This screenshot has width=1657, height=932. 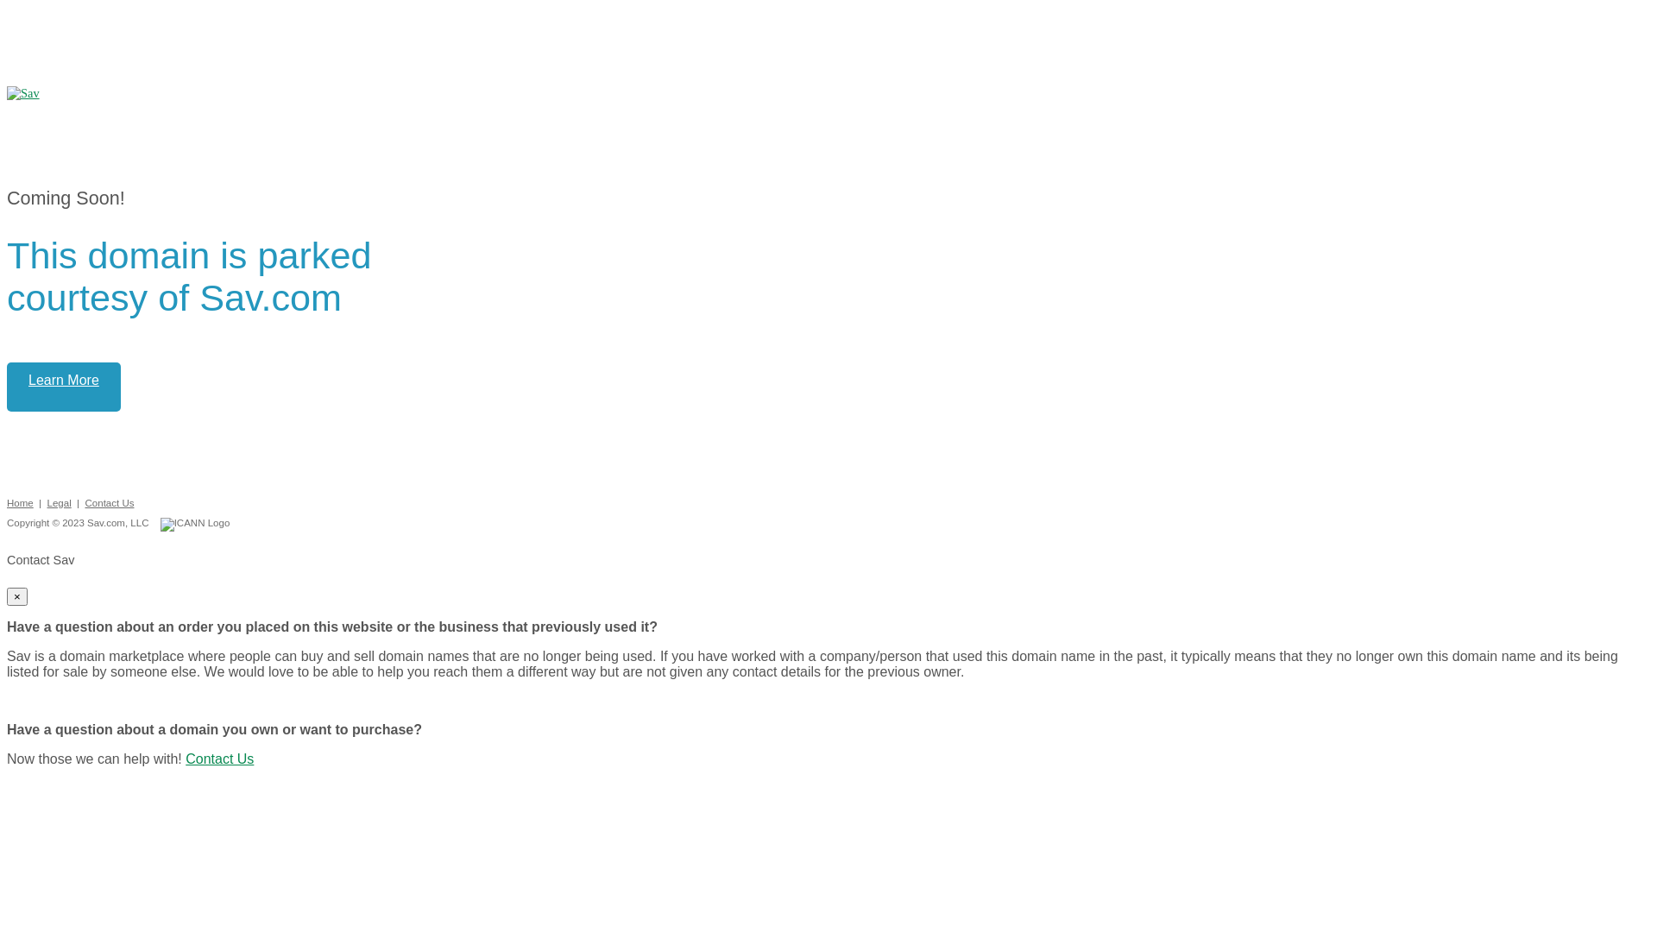 What do you see at coordinates (218, 758) in the screenshot?
I see `'Contact Us'` at bounding box center [218, 758].